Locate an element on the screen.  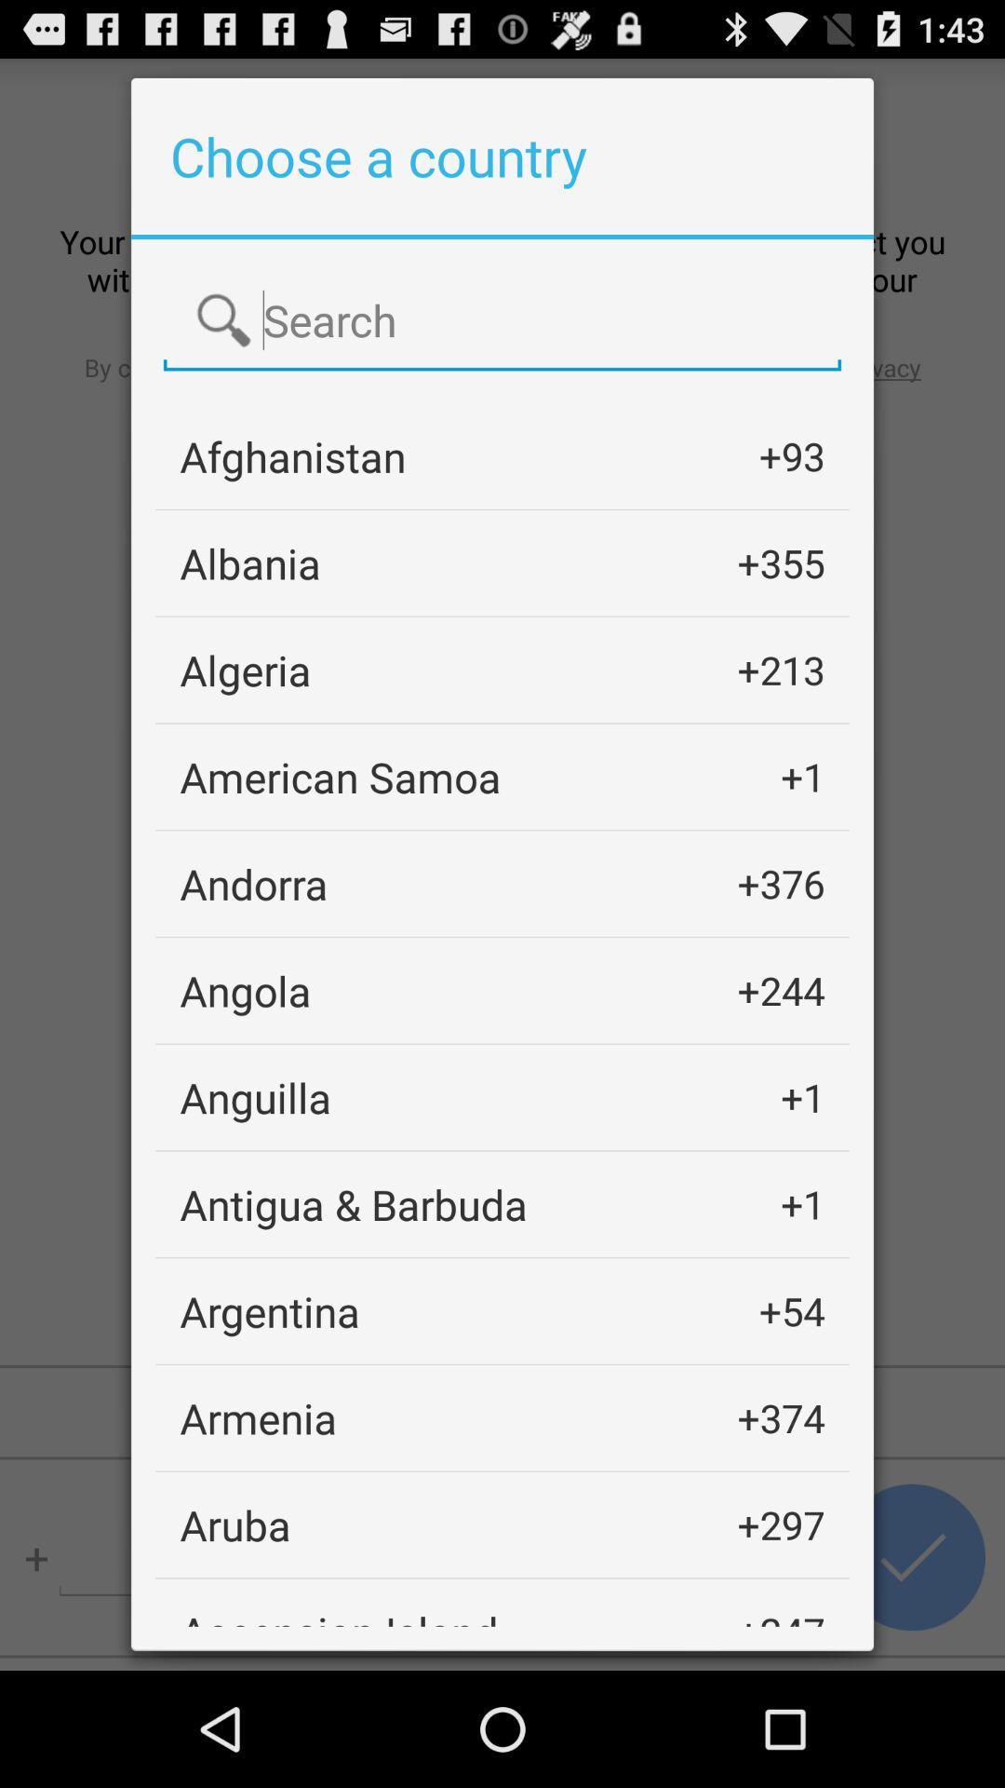
app next to the armenia icon is located at coordinates (781, 1416).